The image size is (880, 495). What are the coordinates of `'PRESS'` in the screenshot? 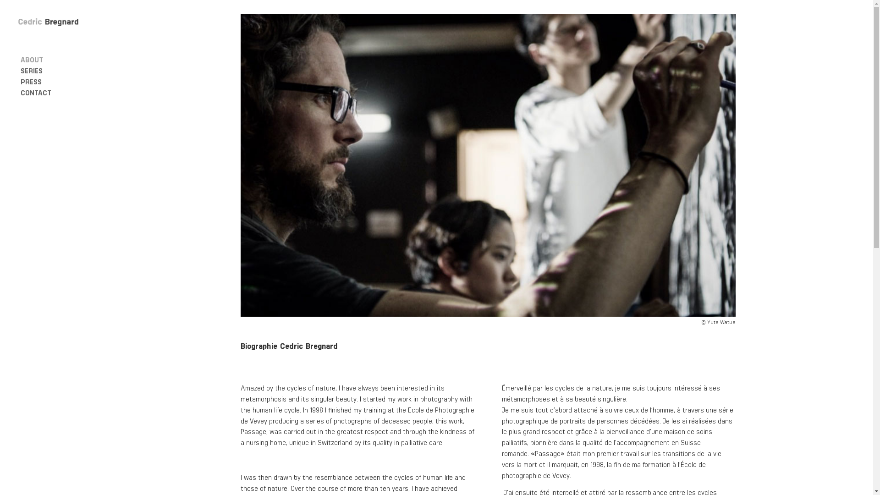 It's located at (60, 81).